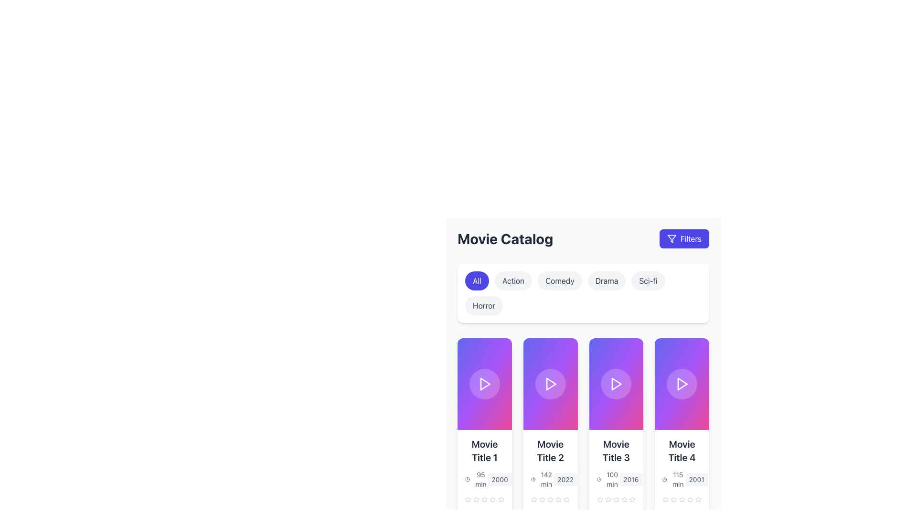 The image size is (917, 516). Describe the element at coordinates (631, 479) in the screenshot. I see `the display label showing the release year '2016' for 'Movie Title 3', which is the right-aligned element in the movie information section` at that location.